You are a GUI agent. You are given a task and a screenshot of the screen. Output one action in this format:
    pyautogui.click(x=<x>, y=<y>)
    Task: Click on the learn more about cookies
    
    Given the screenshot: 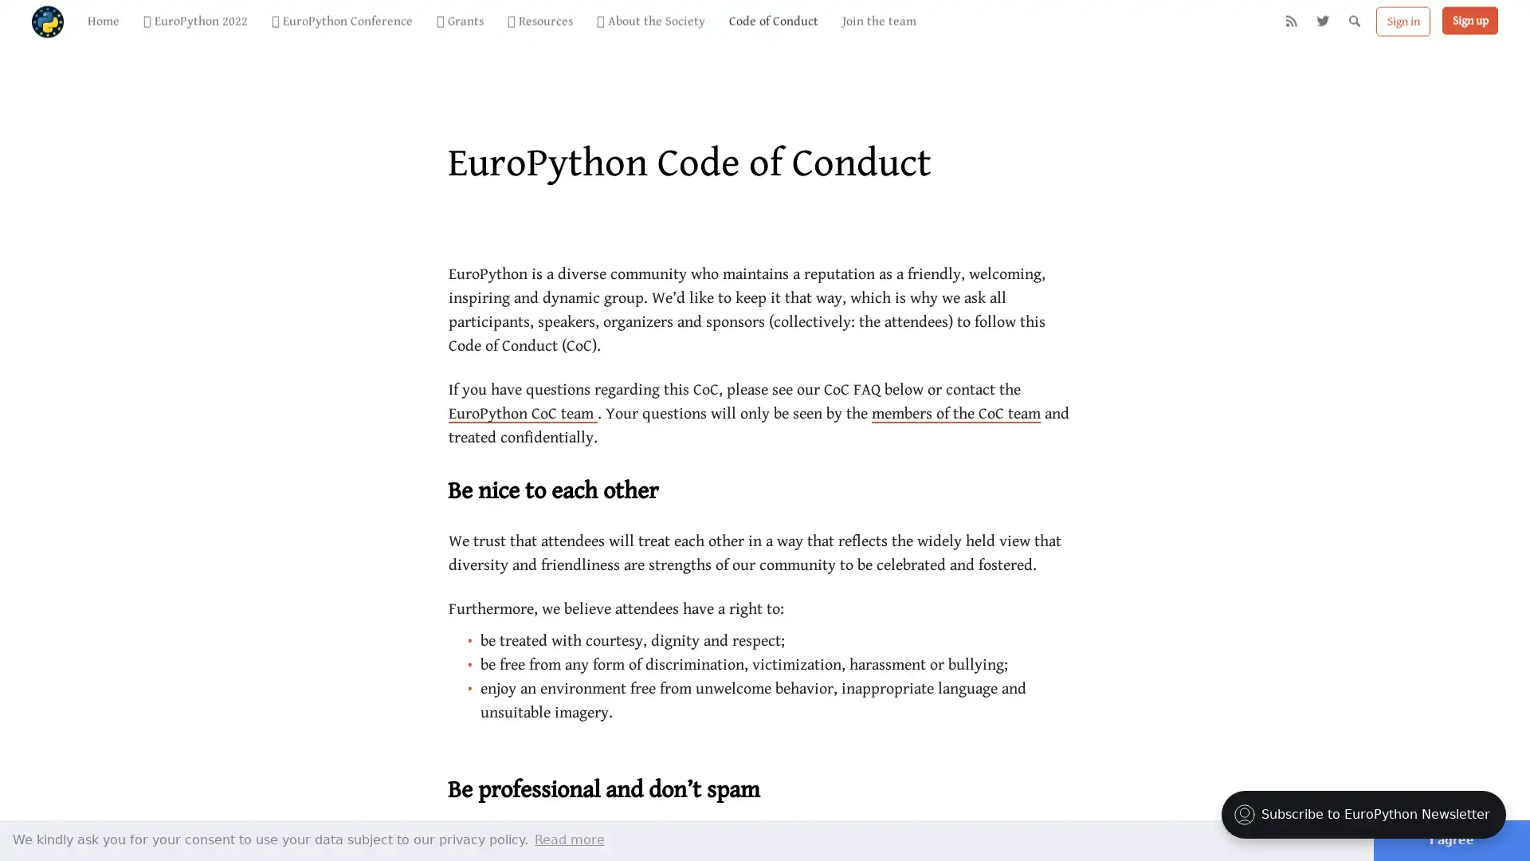 What is the action you would take?
    pyautogui.click(x=570, y=839)
    